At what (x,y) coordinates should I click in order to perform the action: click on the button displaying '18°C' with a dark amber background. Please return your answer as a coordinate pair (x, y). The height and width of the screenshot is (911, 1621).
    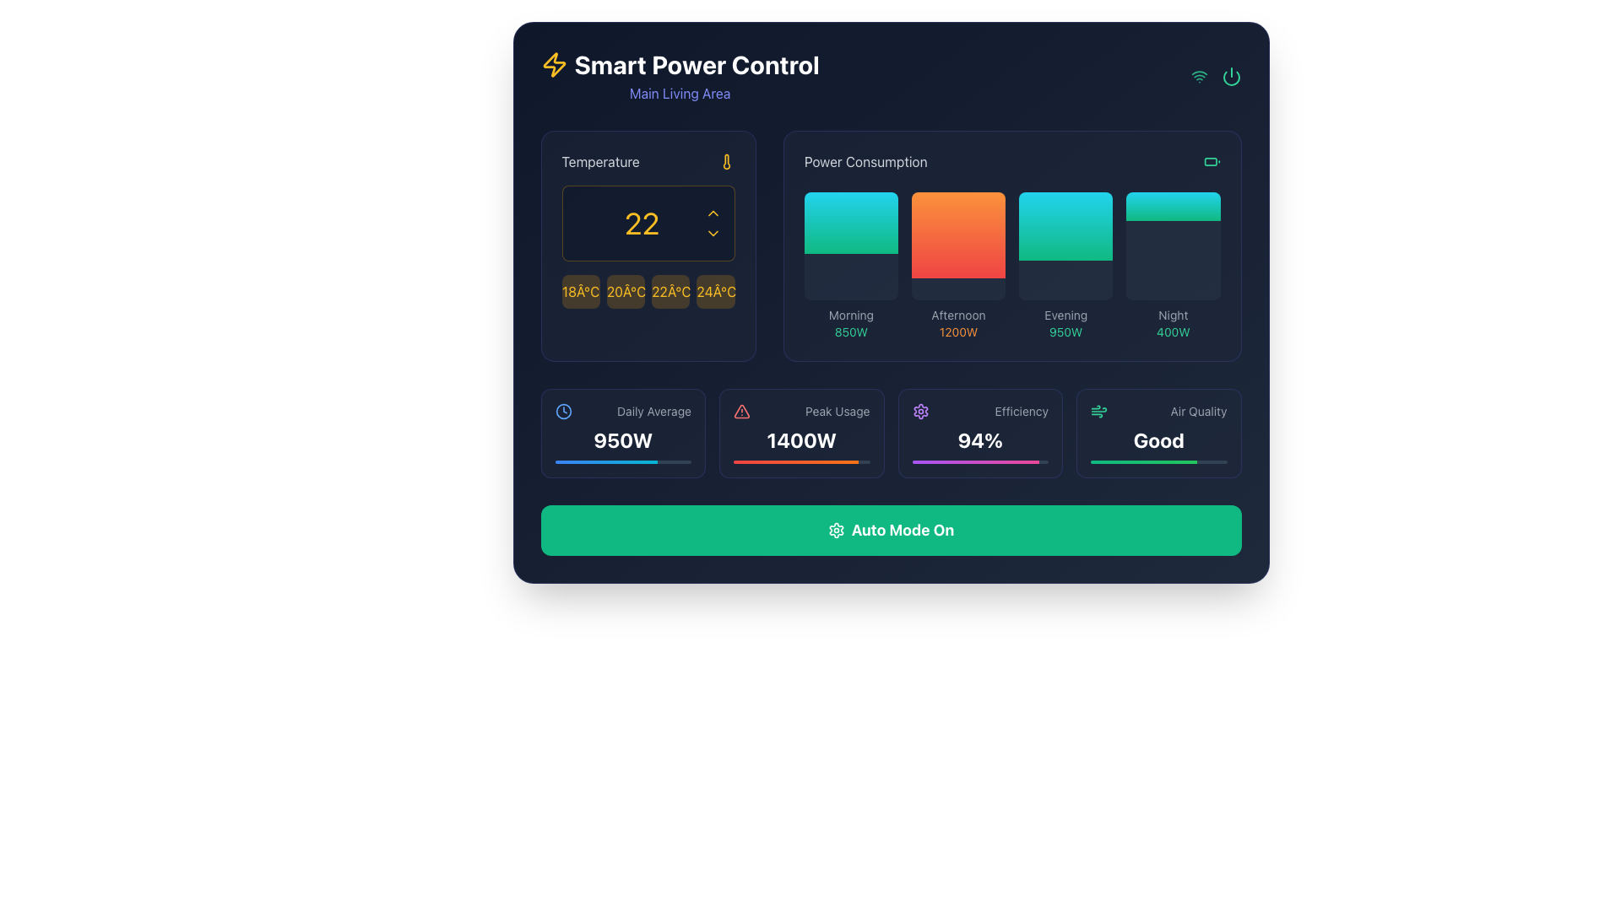
    Looking at the image, I should click on (581, 291).